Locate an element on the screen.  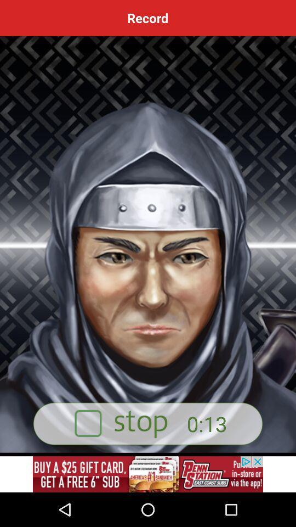
advertisement is located at coordinates (148, 423).